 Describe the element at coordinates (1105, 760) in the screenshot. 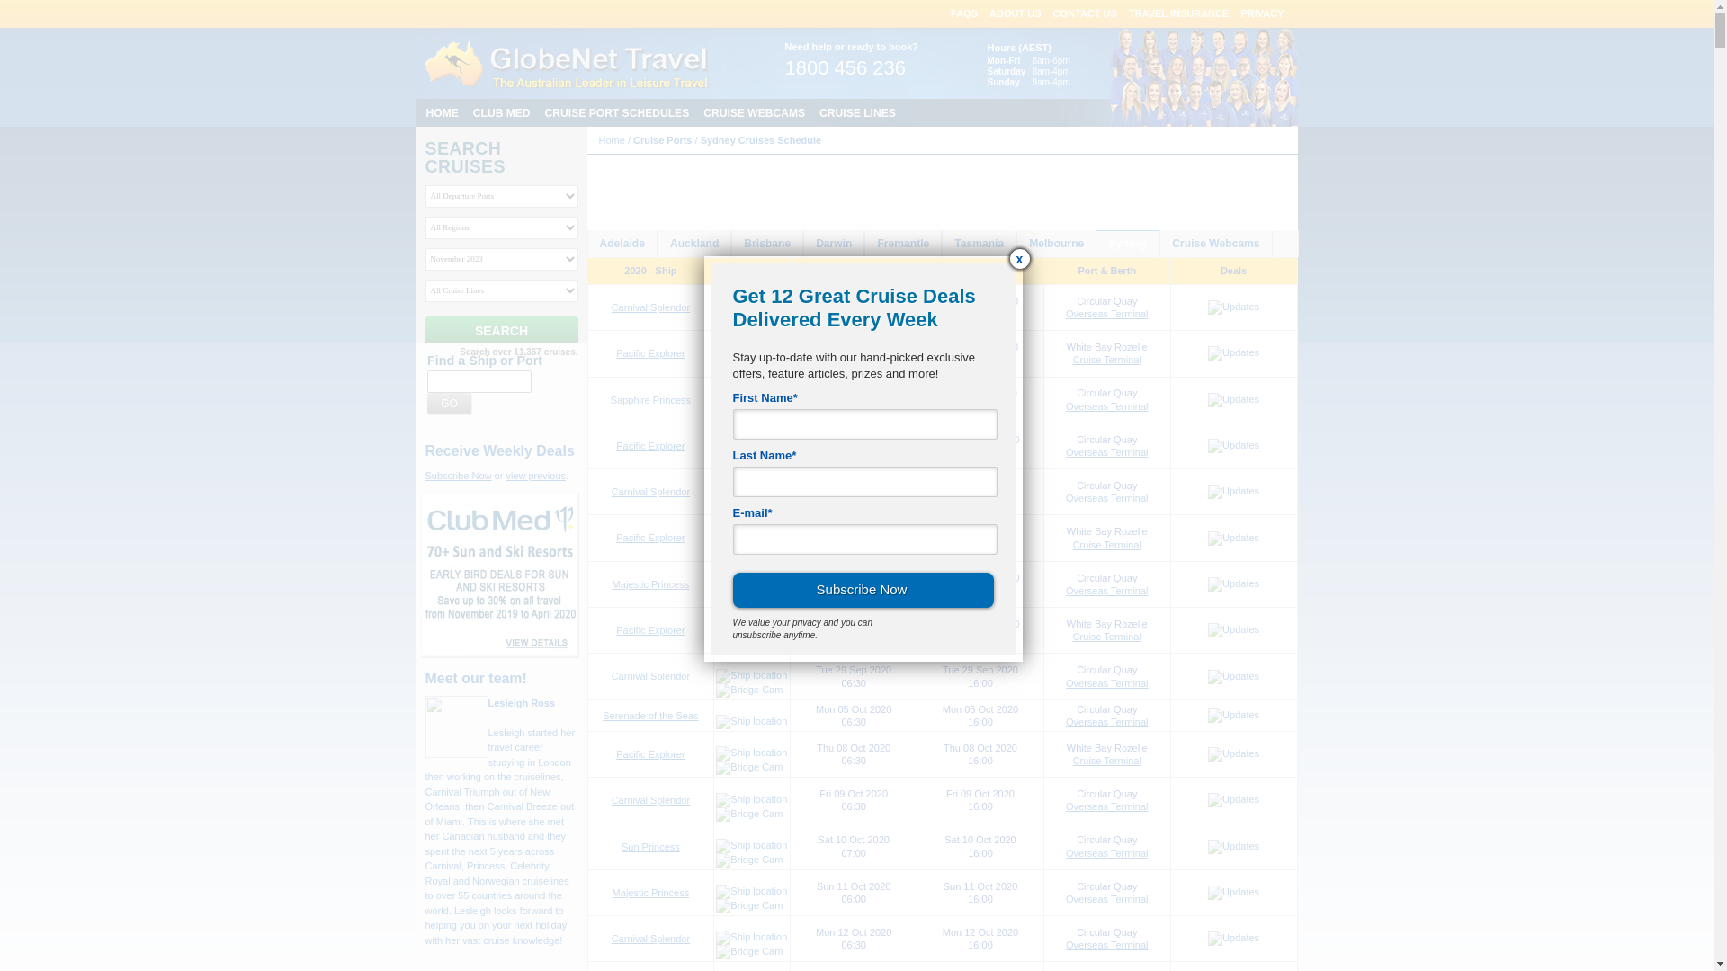

I see `'Cruise Terminal'` at that location.